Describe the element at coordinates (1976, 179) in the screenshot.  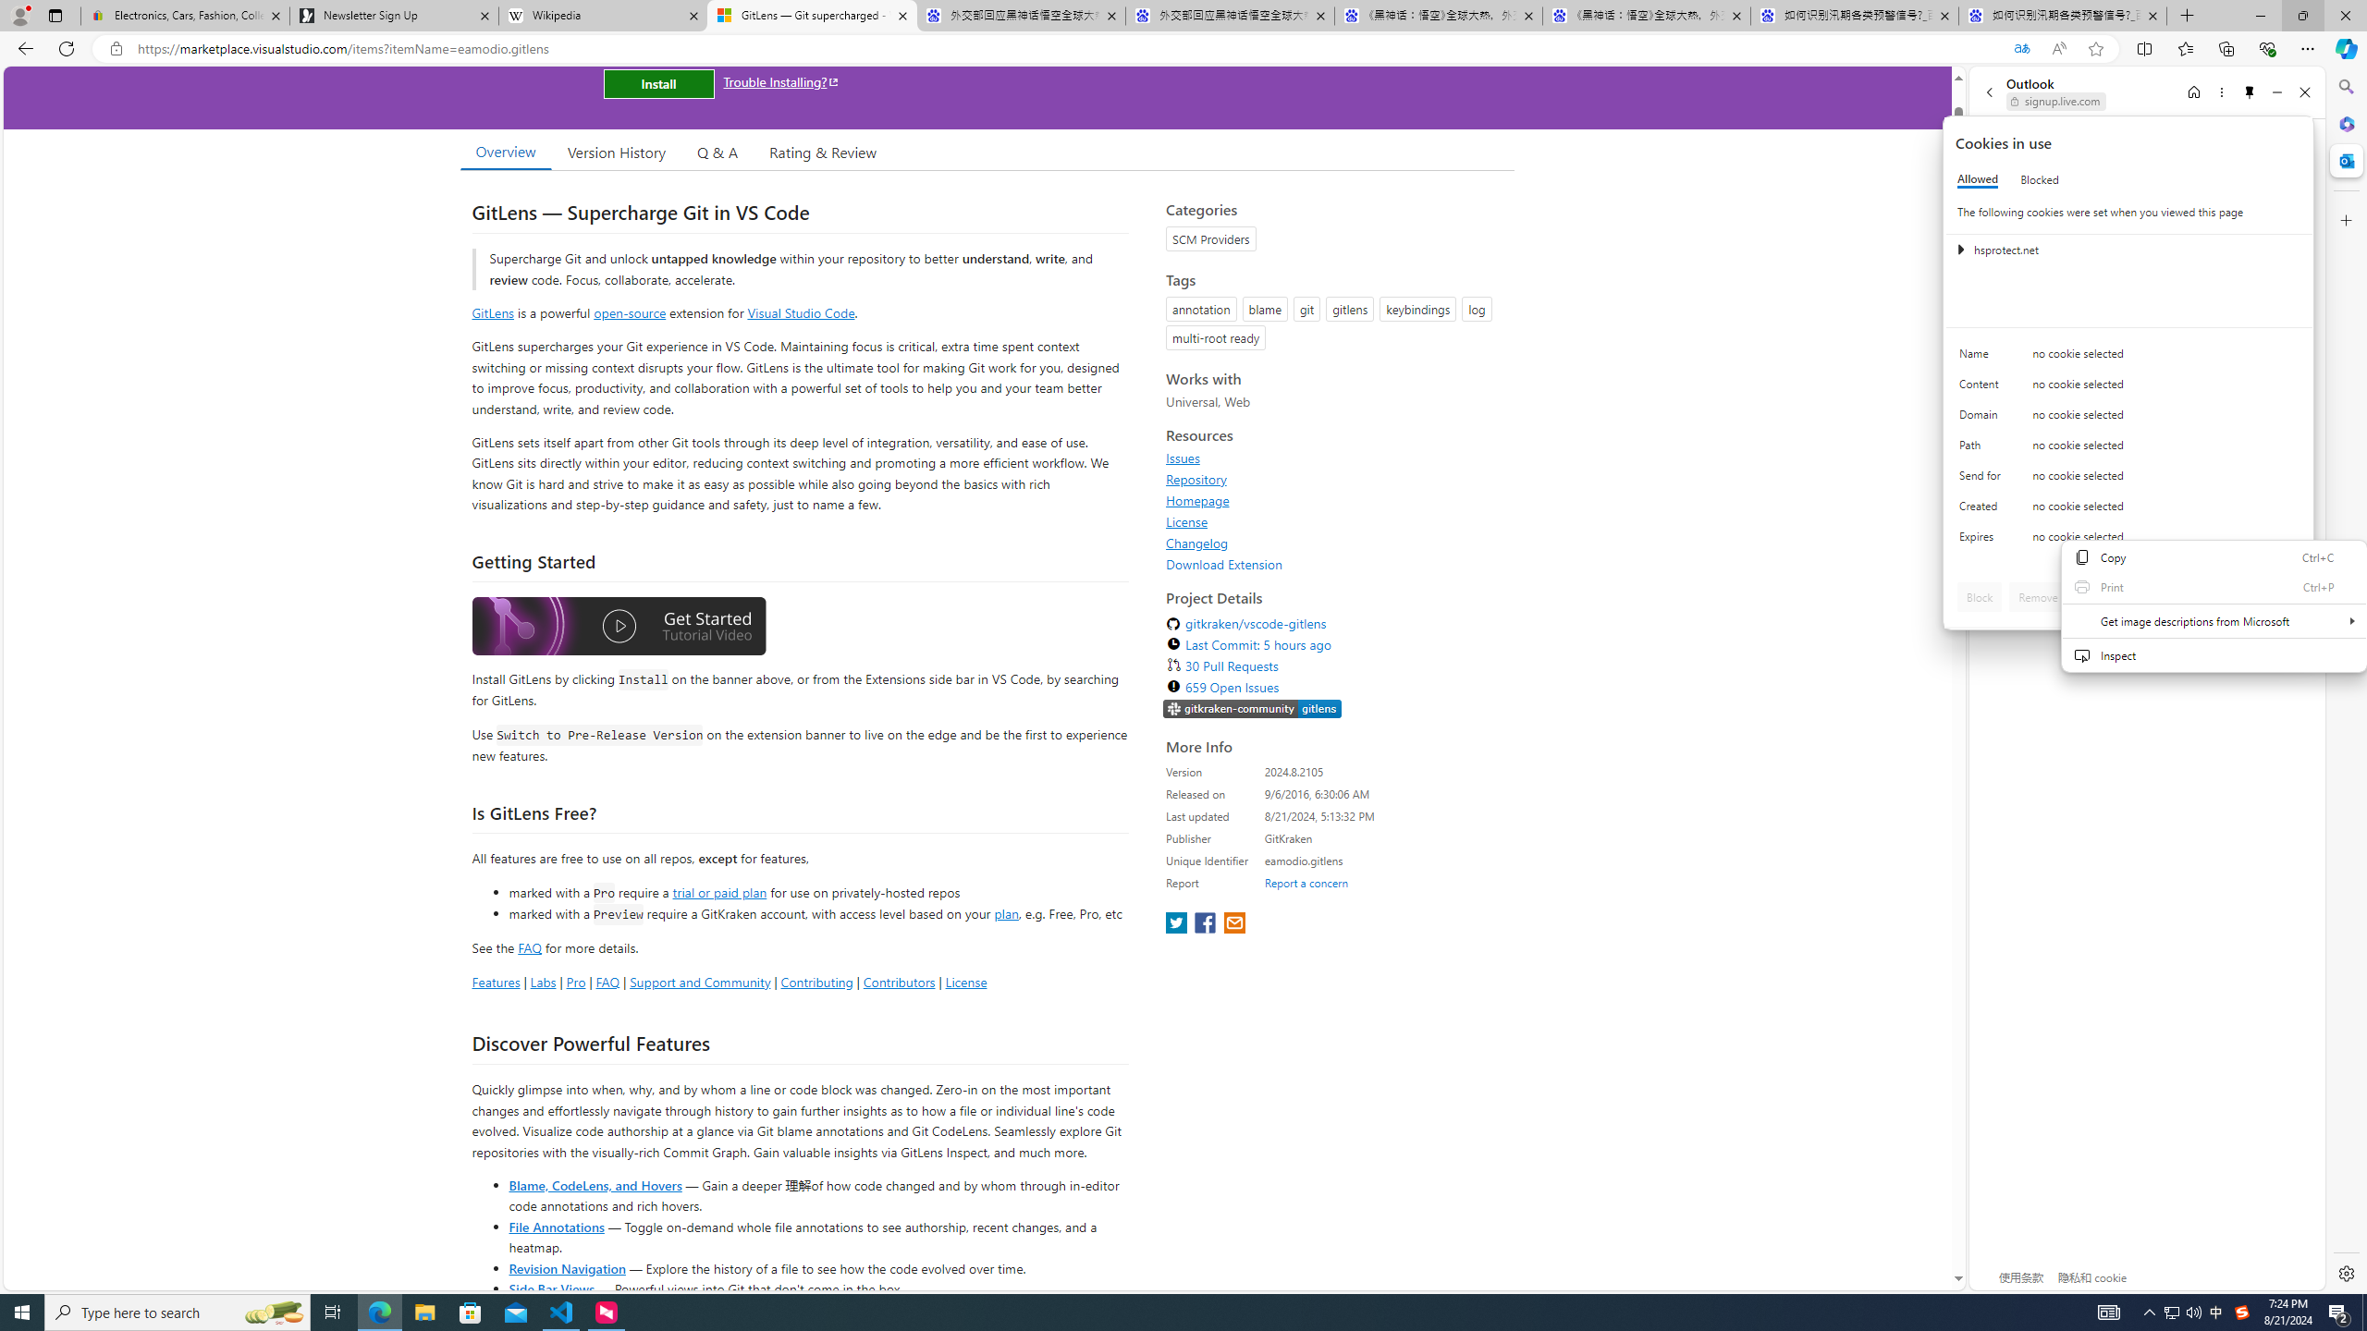
I see `'Allowed'` at that location.